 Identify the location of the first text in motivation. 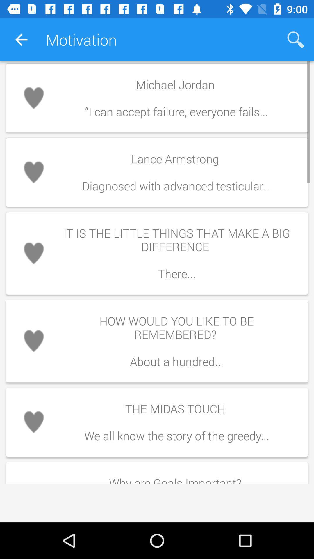
(157, 98).